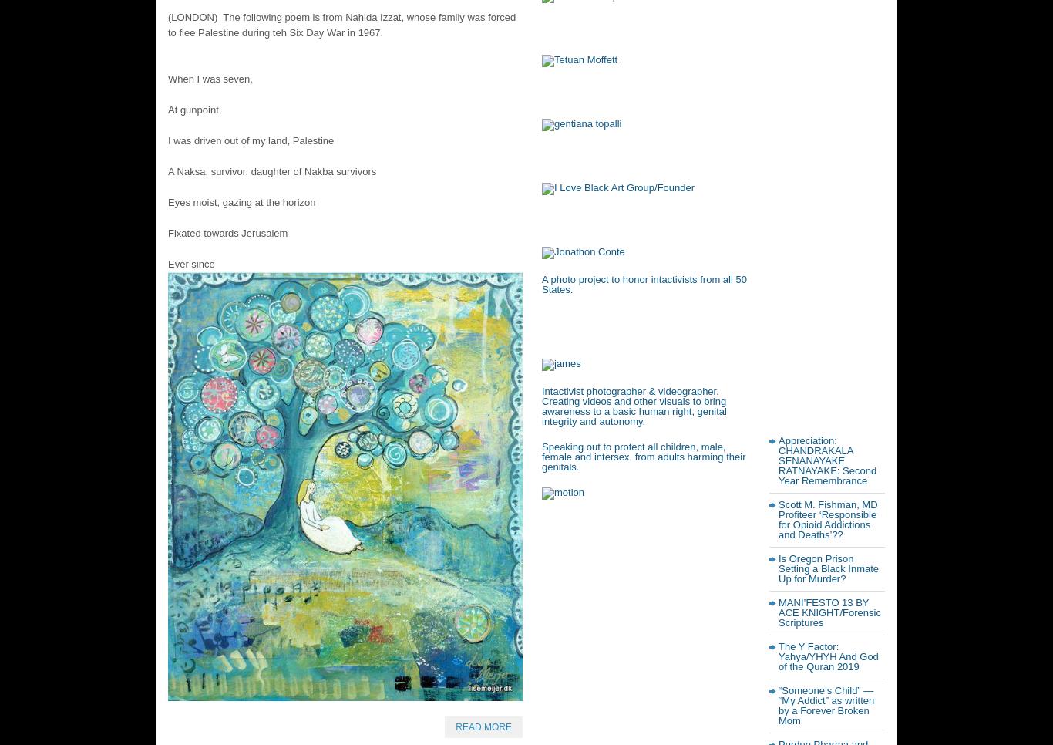  What do you see at coordinates (828, 612) in the screenshot?
I see `'MANI’FESTO 13 BY ACE KNIGHT/Forensic Scriptures'` at bounding box center [828, 612].